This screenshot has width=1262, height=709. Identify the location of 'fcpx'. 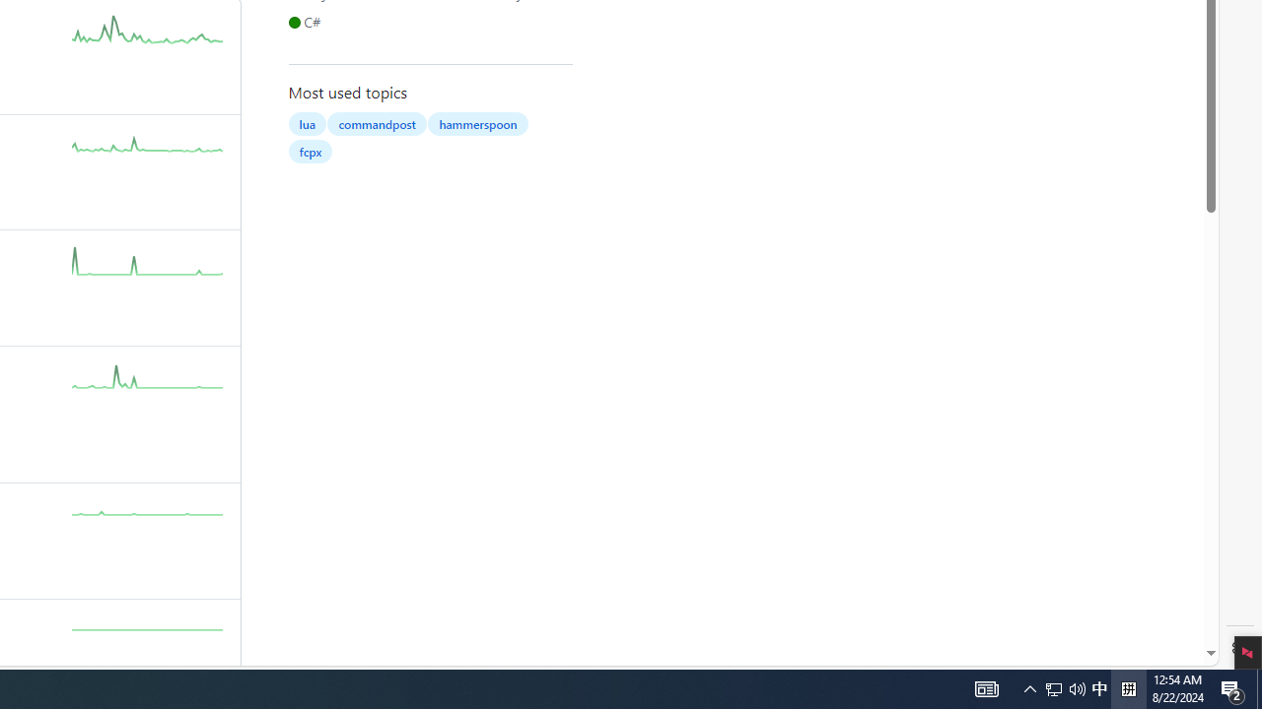
(309, 150).